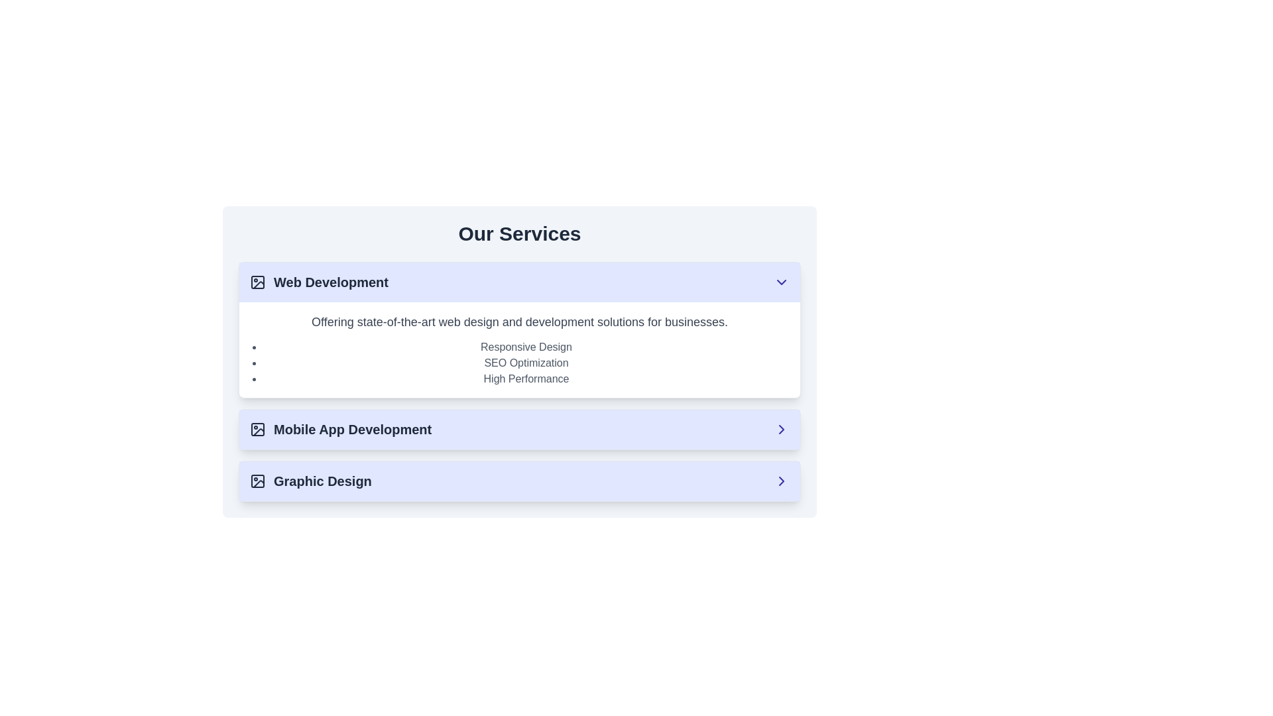 The image size is (1273, 716). I want to click on the chevron button at the far-right end of the 'Mobile App Development' row, so click(782, 430).